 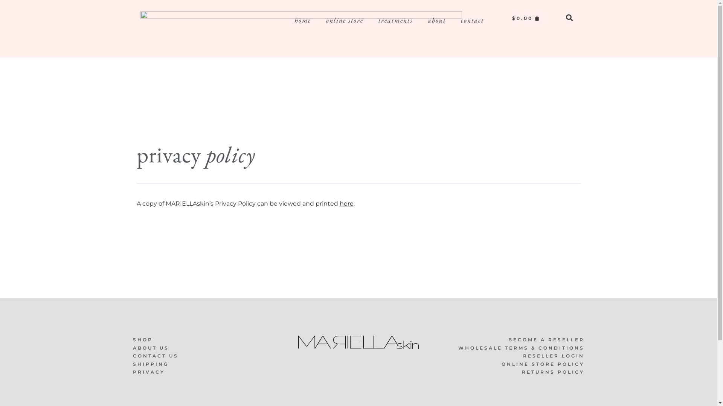 I want to click on 'RETURNS POLICY', so click(x=509, y=372).